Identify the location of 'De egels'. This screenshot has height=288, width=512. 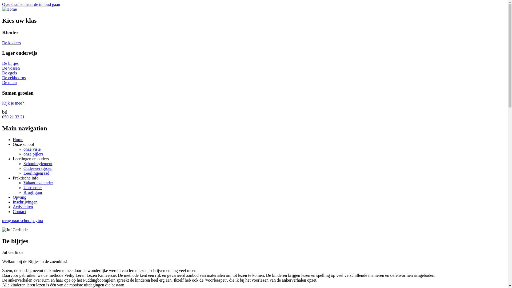
(9, 73).